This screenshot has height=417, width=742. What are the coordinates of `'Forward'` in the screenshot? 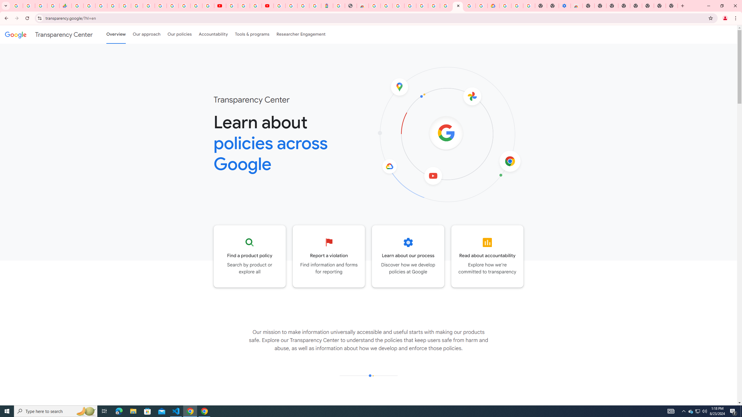 It's located at (17, 18).